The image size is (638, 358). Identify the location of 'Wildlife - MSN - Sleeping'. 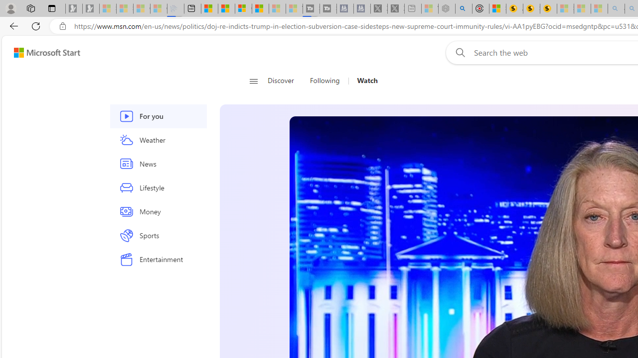
(430, 8).